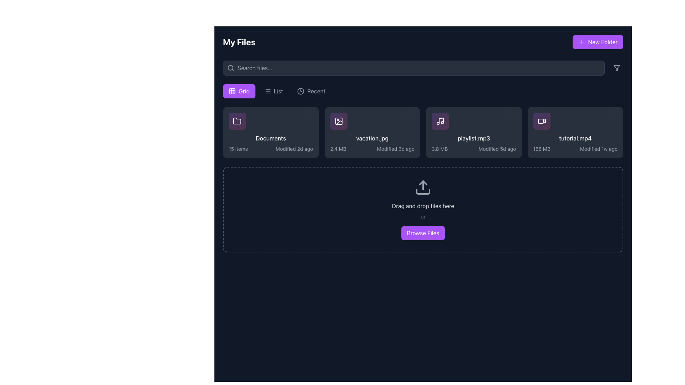  What do you see at coordinates (558, 132) in the screenshot?
I see `the Icon button located in the top-right corner of the card representing the video file 'tutorial.mp4' to initiate the download process` at bounding box center [558, 132].